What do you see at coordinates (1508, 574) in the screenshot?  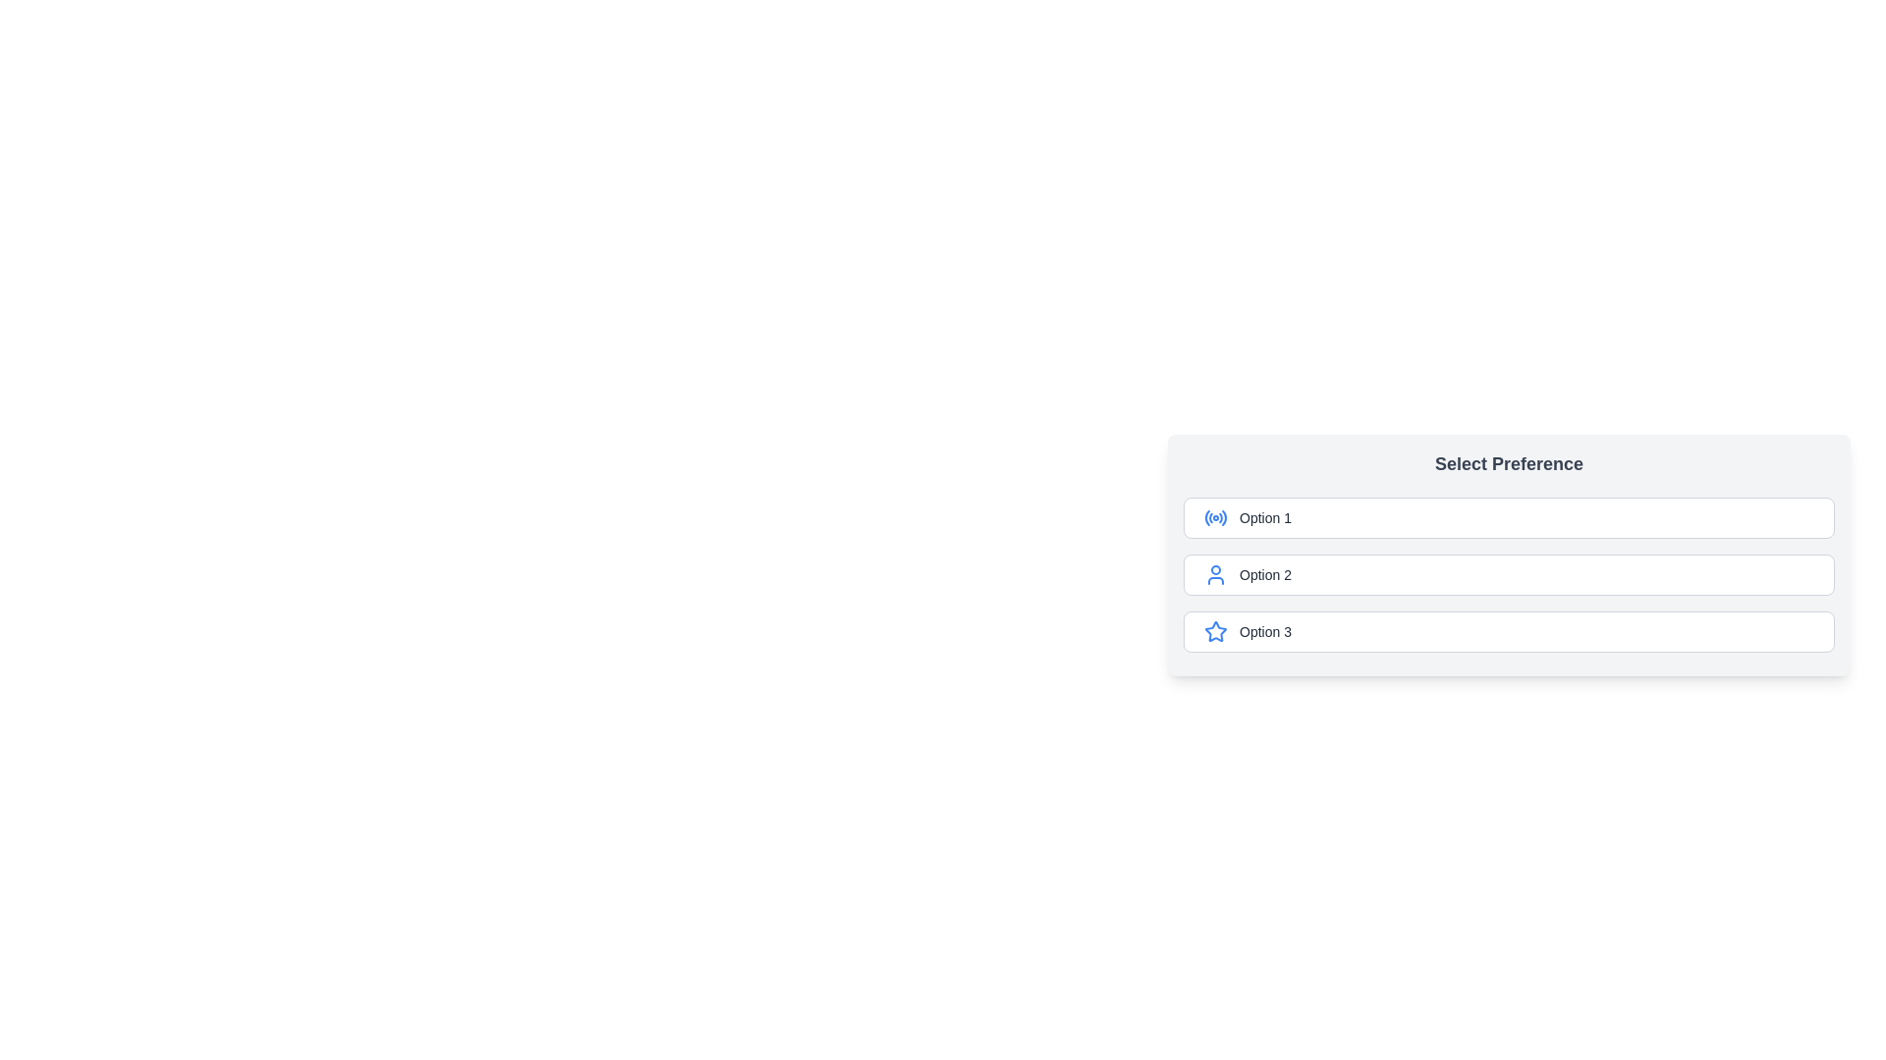 I see `the selectable list item labeled 'Option 2'` at bounding box center [1508, 574].